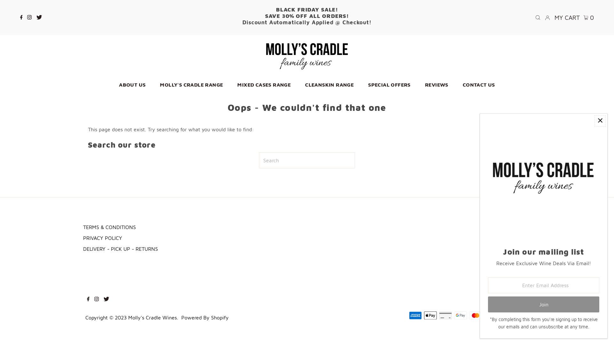 This screenshot has height=345, width=614. Describe the element at coordinates (153, 84) in the screenshot. I see `'MOLLY'S CRADLE RANGE'` at that location.